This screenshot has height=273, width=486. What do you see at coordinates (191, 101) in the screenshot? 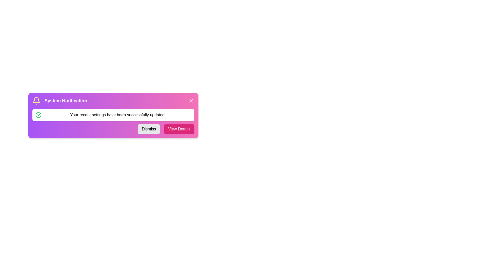
I see `the 'X' button to close the notification` at bounding box center [191, 101].